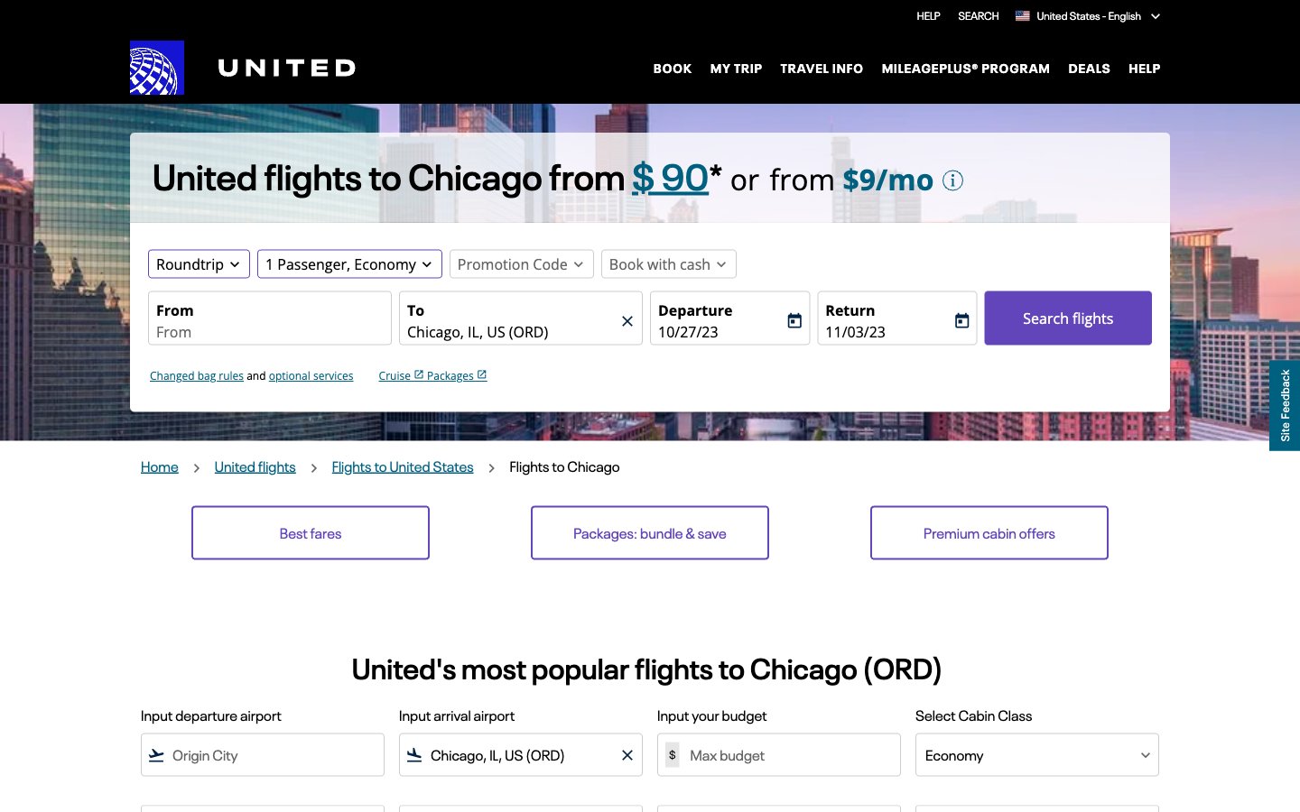  I want to click on Lowest Prices, so click(311, 532).